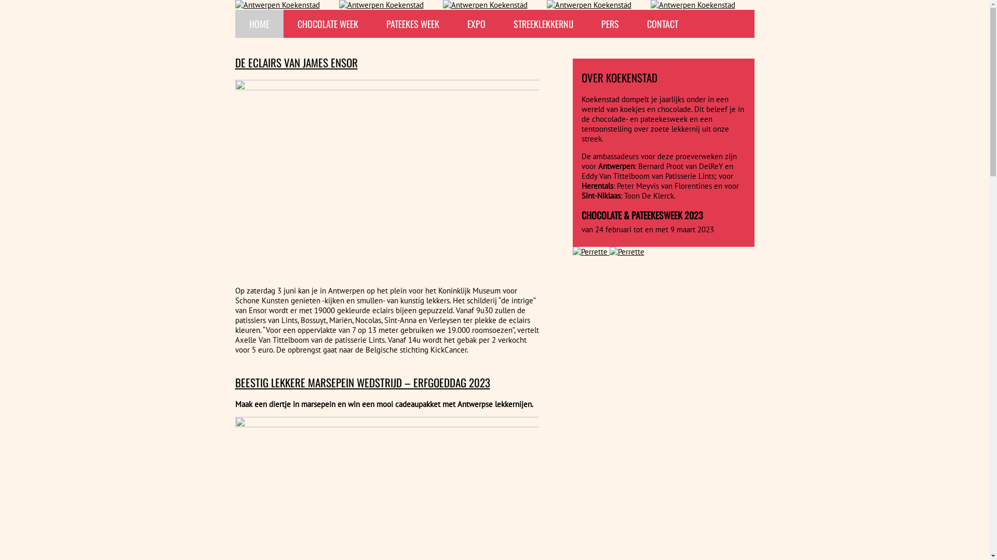 Image resolution: width=997 pixels, height=560 pixels. I want to click on 'CONTACT', so click(632, 23).